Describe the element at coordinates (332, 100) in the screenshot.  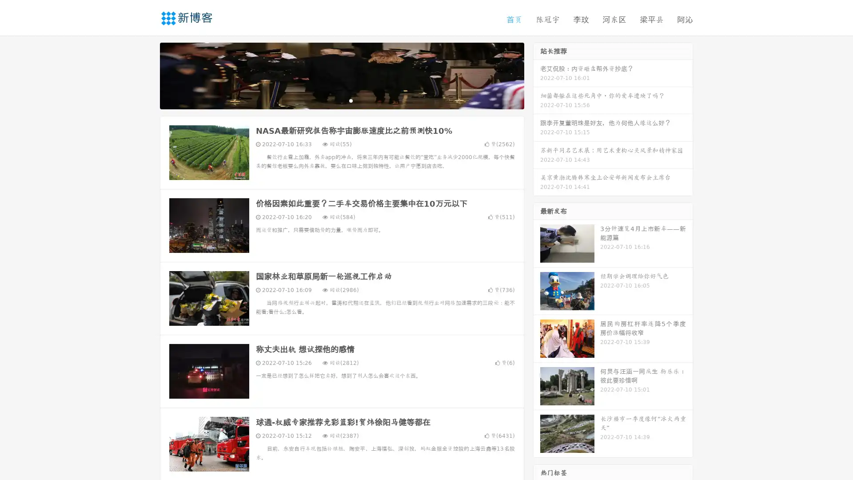
I see `Go to slide 1` at that location.